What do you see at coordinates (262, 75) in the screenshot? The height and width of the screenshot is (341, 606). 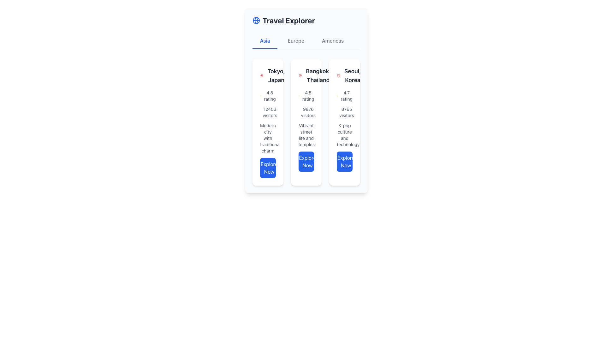 I see `the red map pin icon that indicates the location of Tokyo, Japan, positioned in the first card layout` at bounding box center [262, 75].